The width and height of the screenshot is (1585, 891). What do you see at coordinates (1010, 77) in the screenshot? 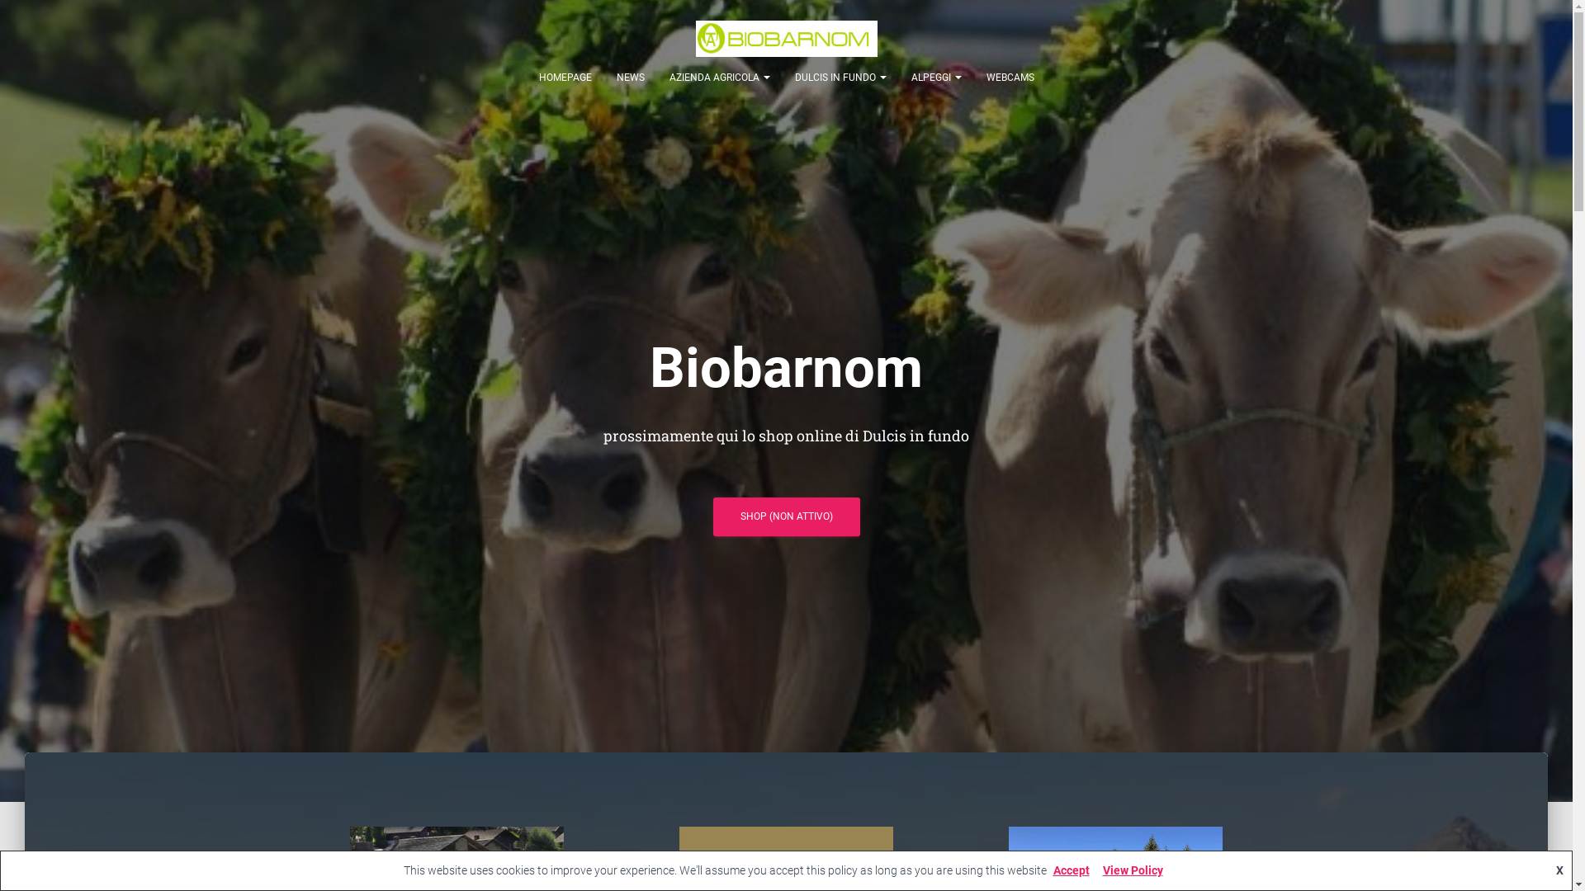
I see `'WEBCAMS'` at bounding box center [1010, 77].